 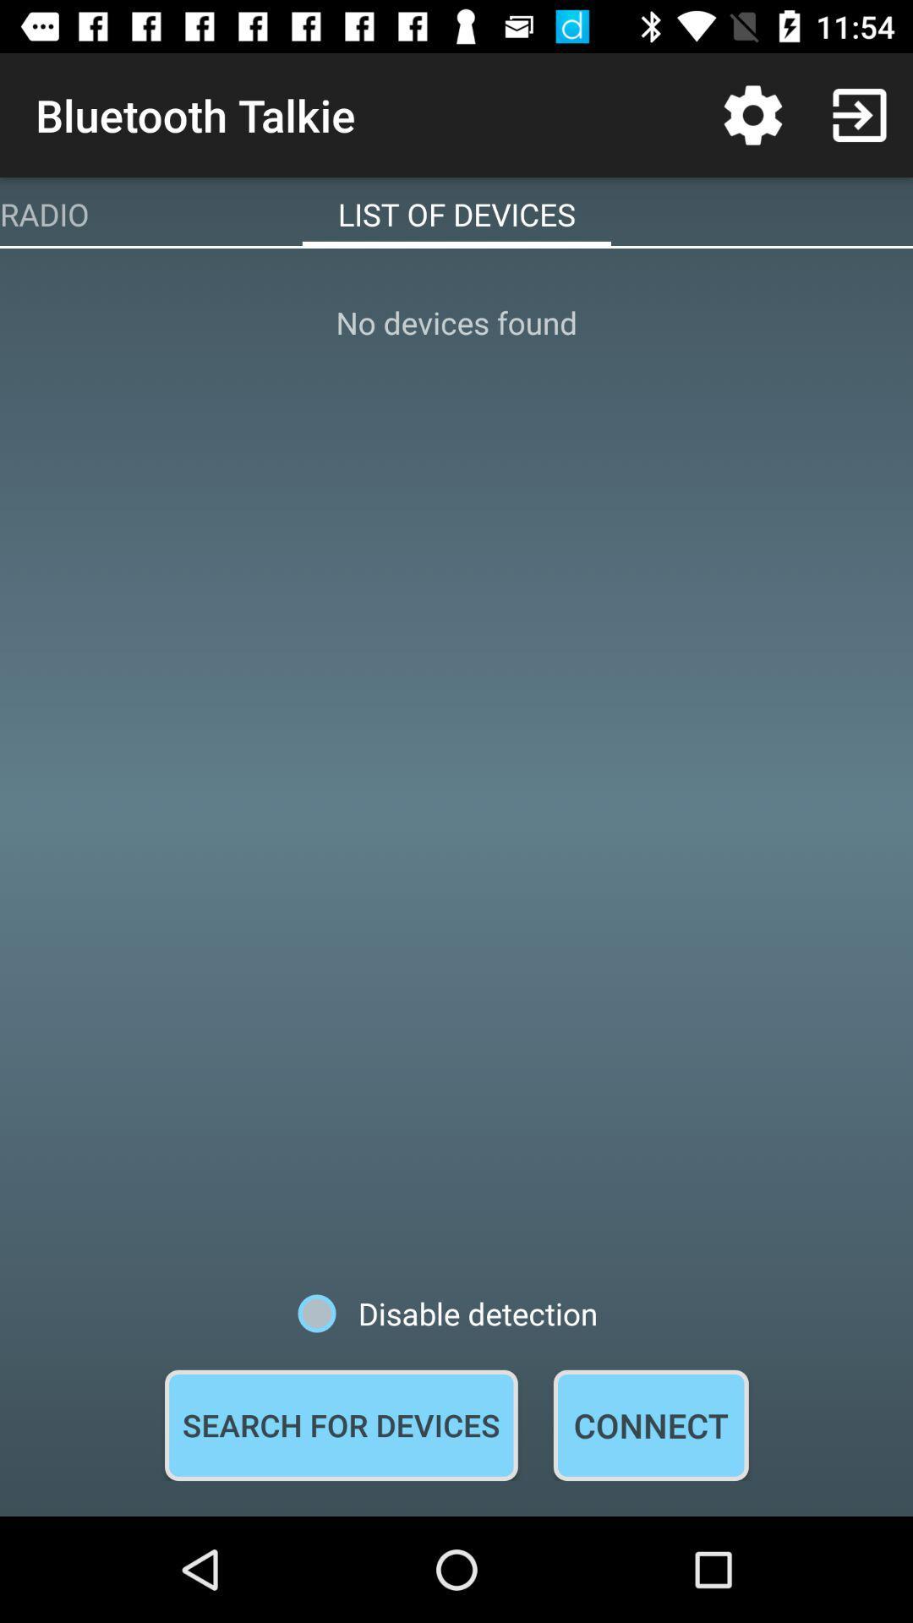 What do you see at coordinates (446, 1313) in the screenshot?
I see `disable detection icon` at bounding box center [446, 1313].